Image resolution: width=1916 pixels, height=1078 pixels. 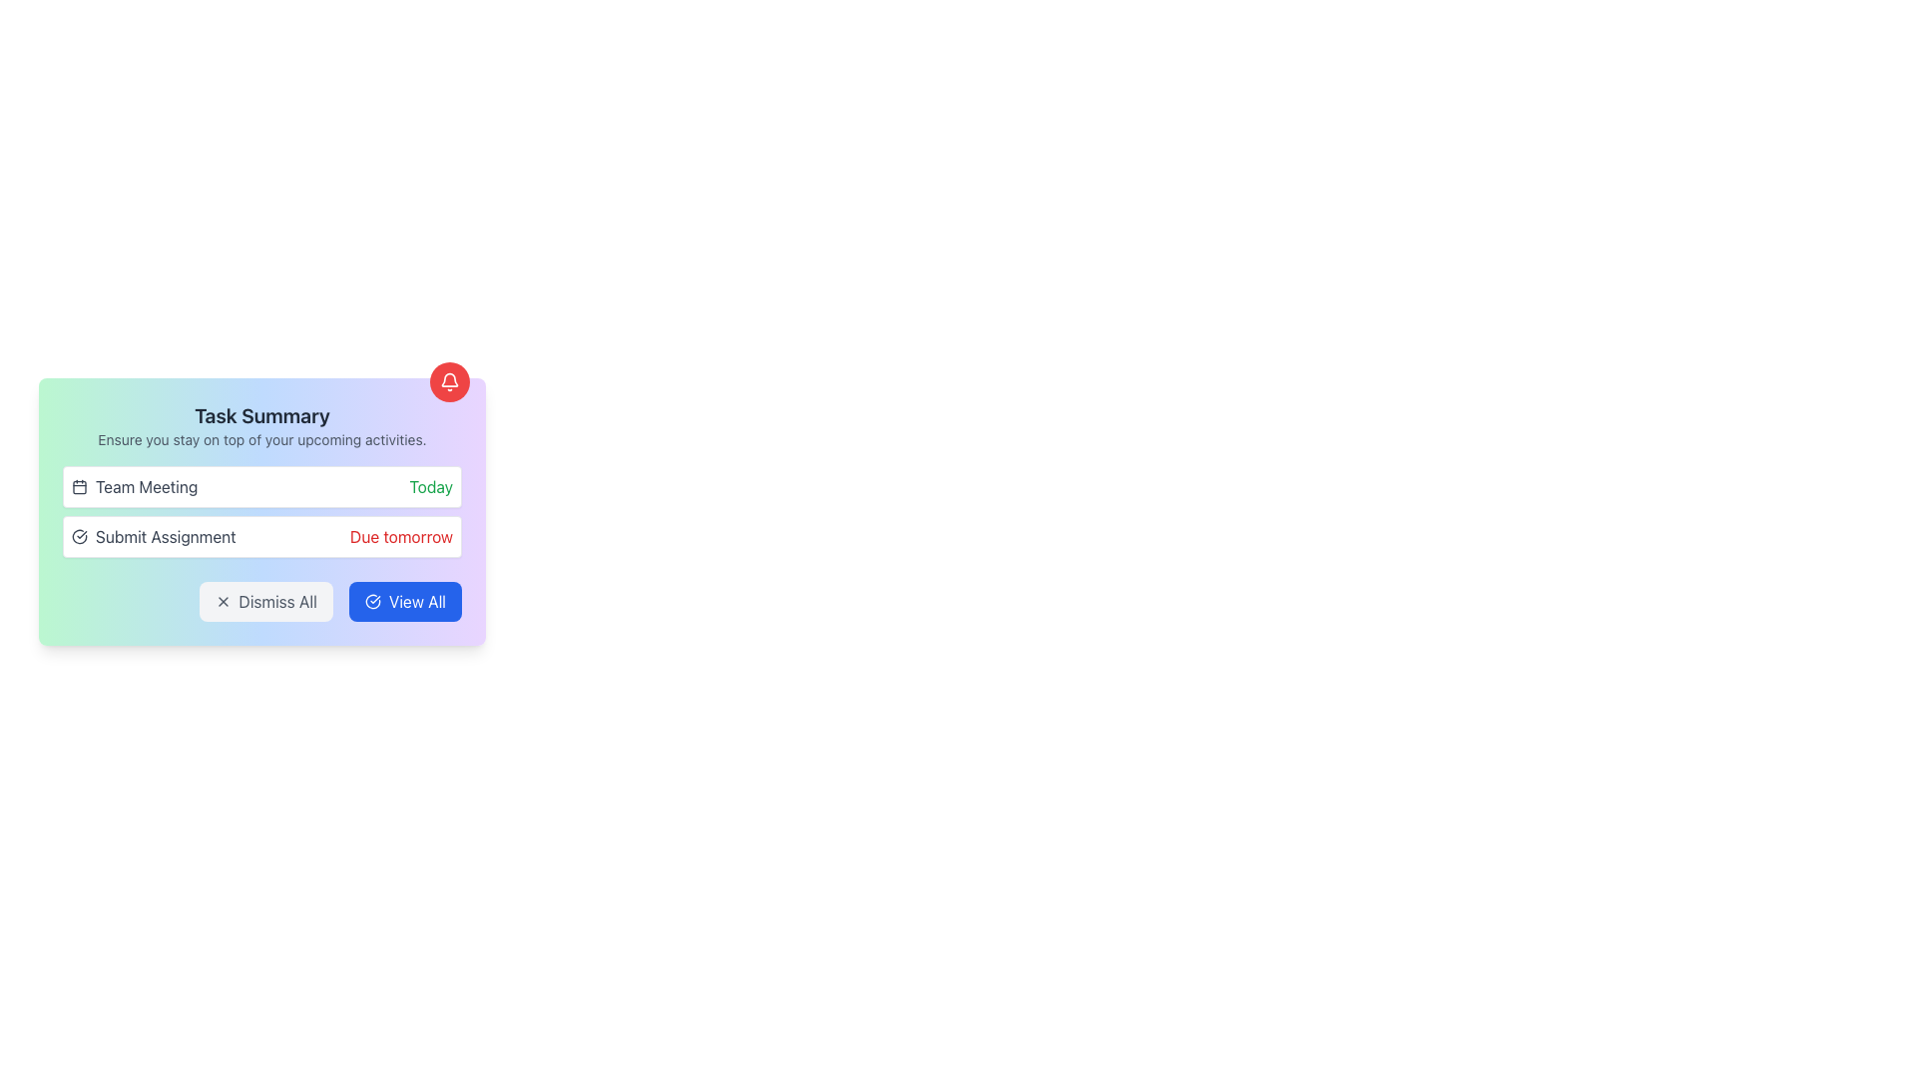 What do you see at coordinates (404, 600) in the screenshot?
I see `the second button in the horizontal layout within the 'Task Summary' modal located towards the bottom right` at bounding box center [404, 600].